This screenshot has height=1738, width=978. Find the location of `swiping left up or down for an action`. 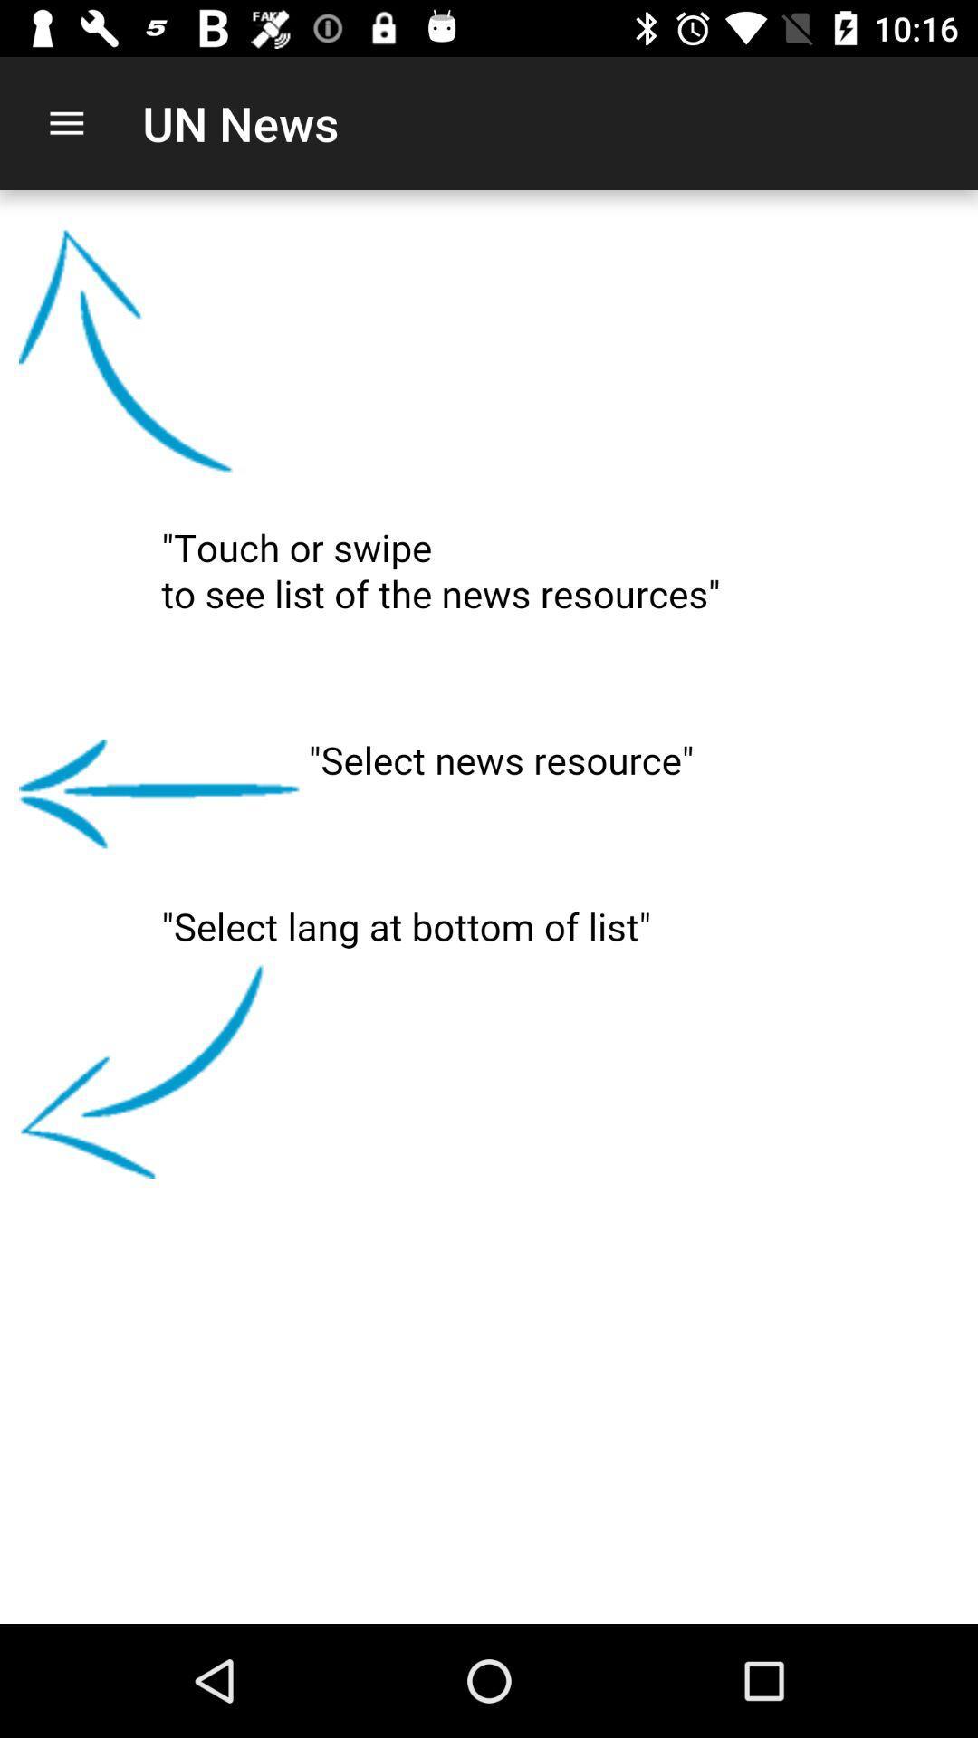

swiping left up or down for an action is located at coordinates (489, 907).